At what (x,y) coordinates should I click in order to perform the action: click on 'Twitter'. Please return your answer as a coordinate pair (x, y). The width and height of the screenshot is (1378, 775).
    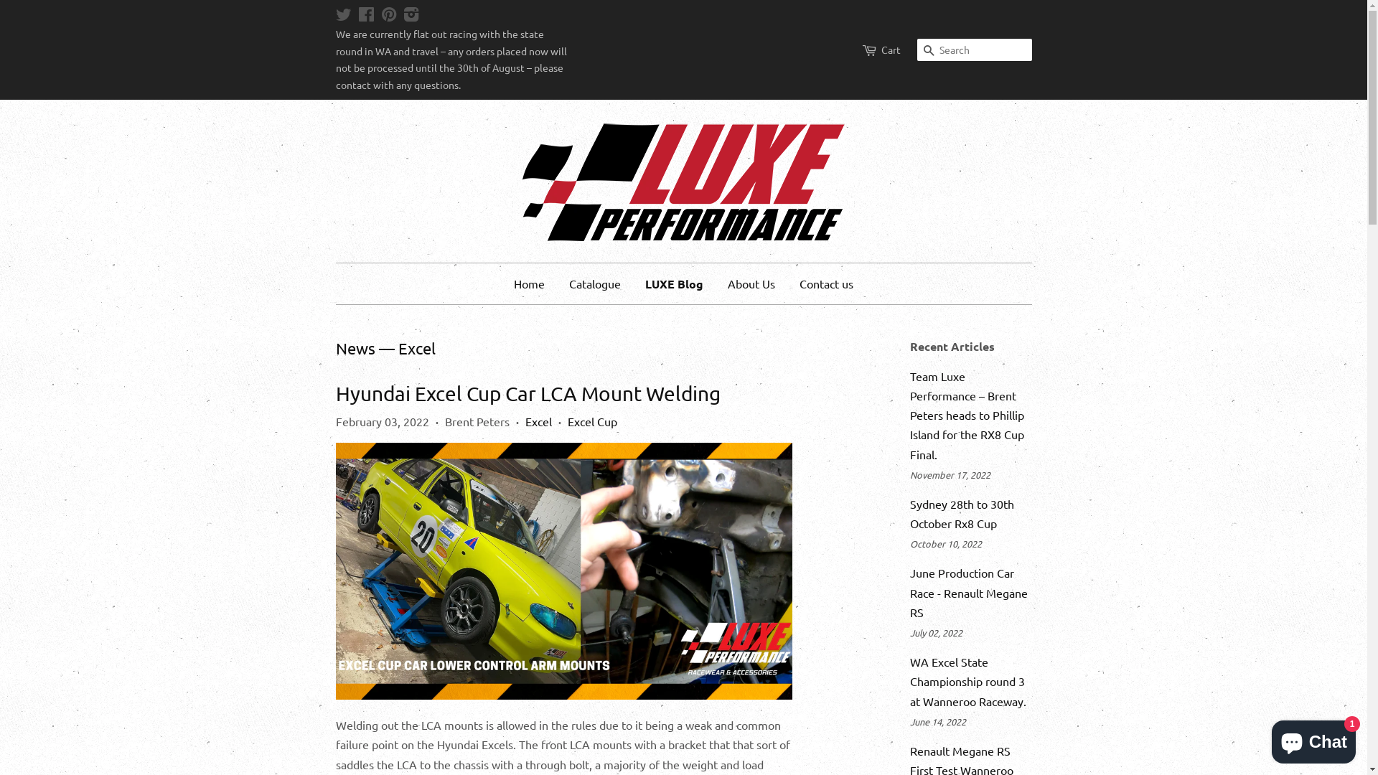
    Looking at the image, I should click on (343, 17).